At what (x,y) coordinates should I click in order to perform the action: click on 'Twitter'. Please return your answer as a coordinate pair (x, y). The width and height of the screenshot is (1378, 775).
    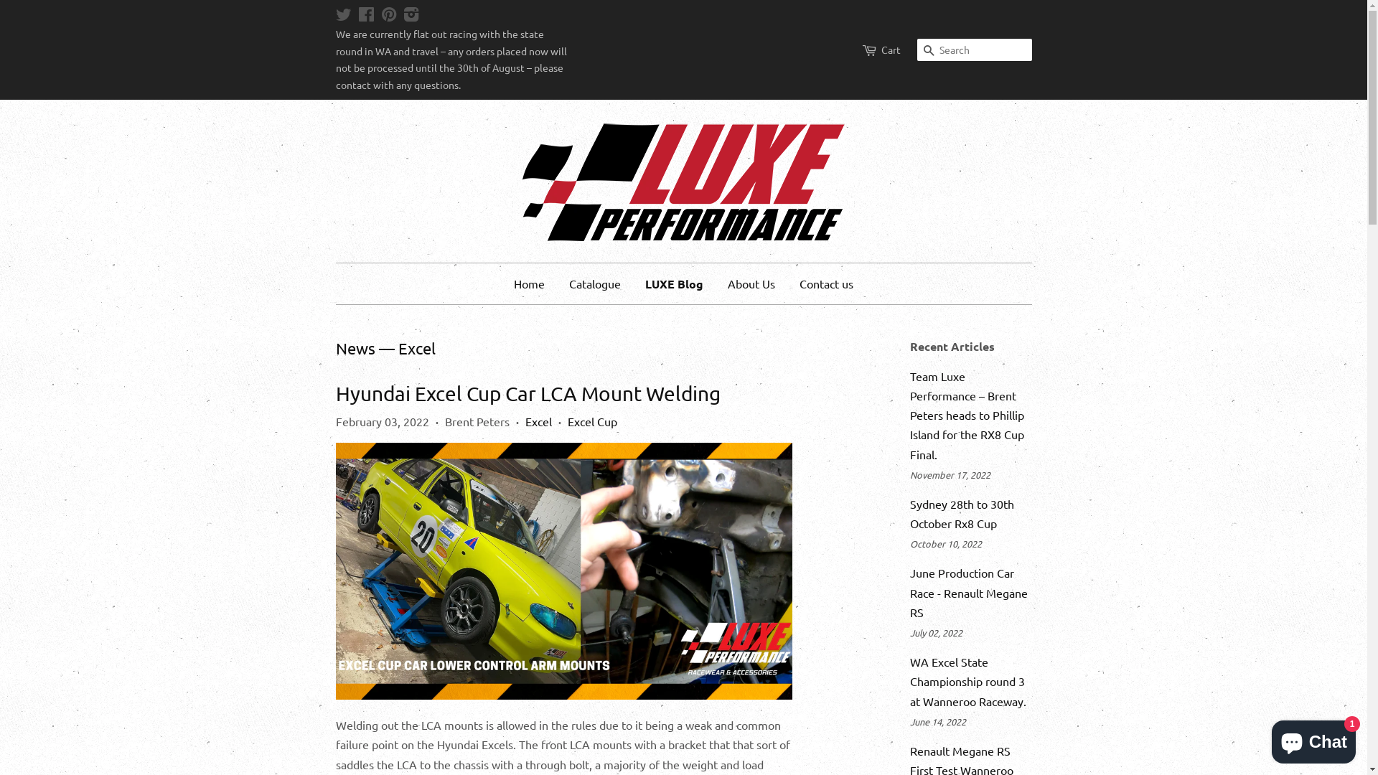
    Looking at the image, I should click on (343, 17).